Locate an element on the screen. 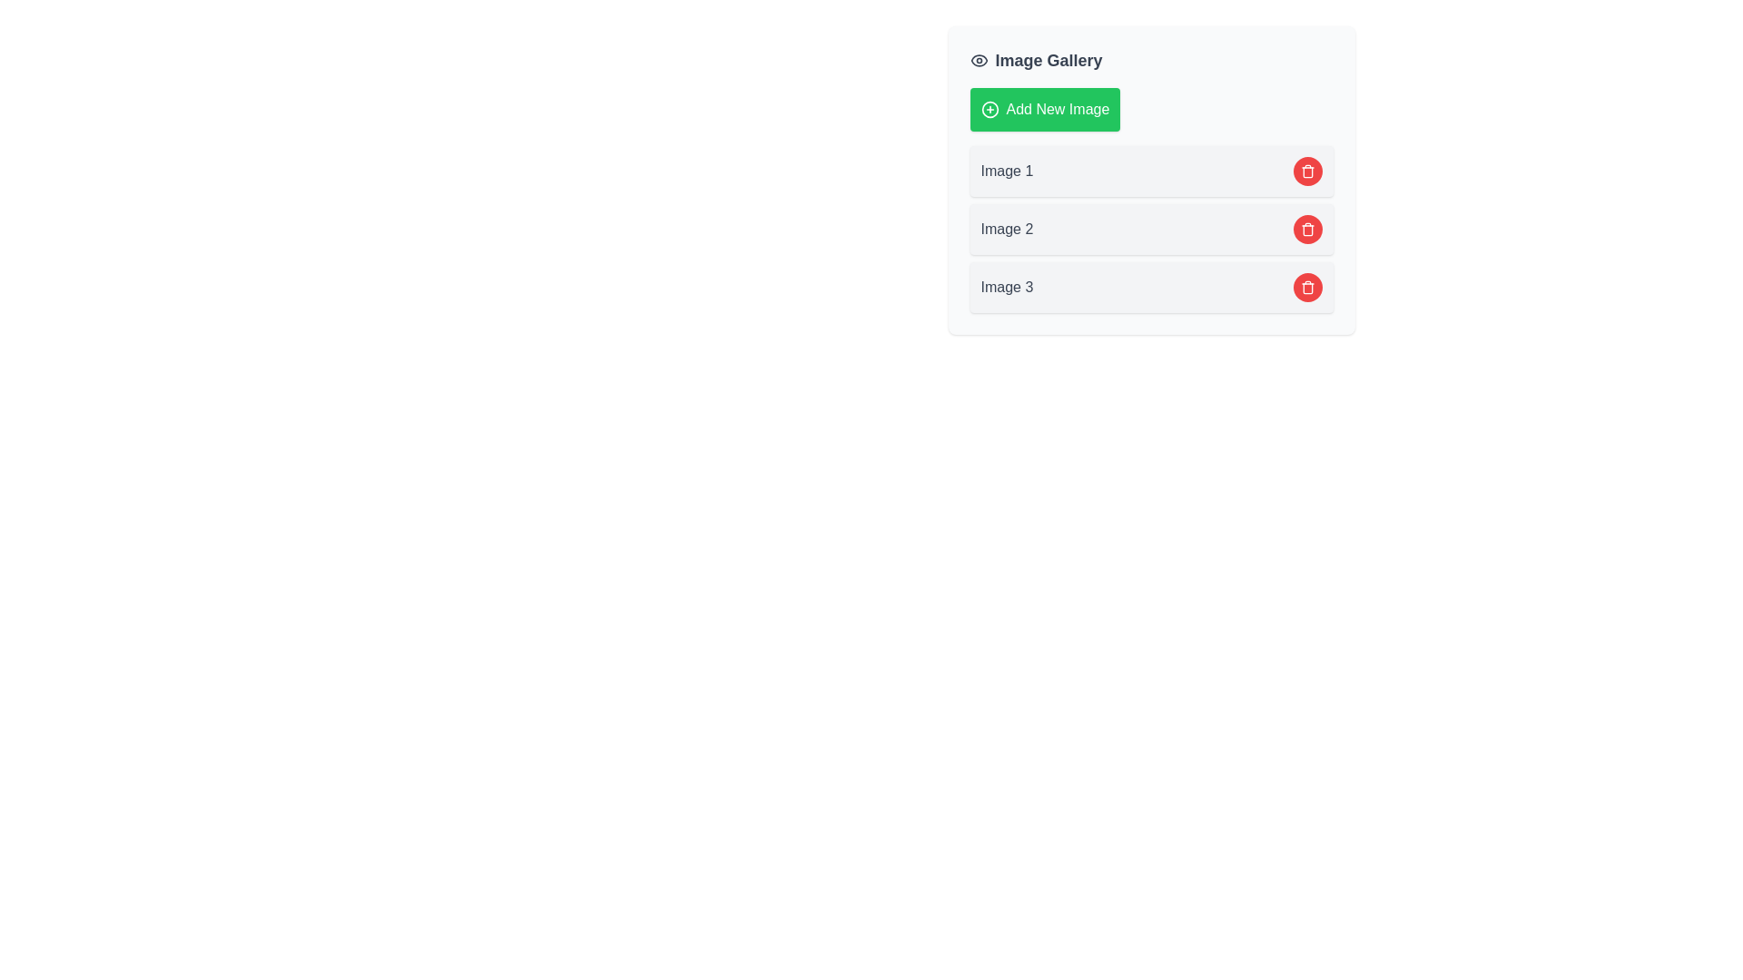  the list item labeled 'Image 3' in the 'Image Gallery', which allows users to either select it or use the delete button adjacent to it is located at coordinates (1150, 286).